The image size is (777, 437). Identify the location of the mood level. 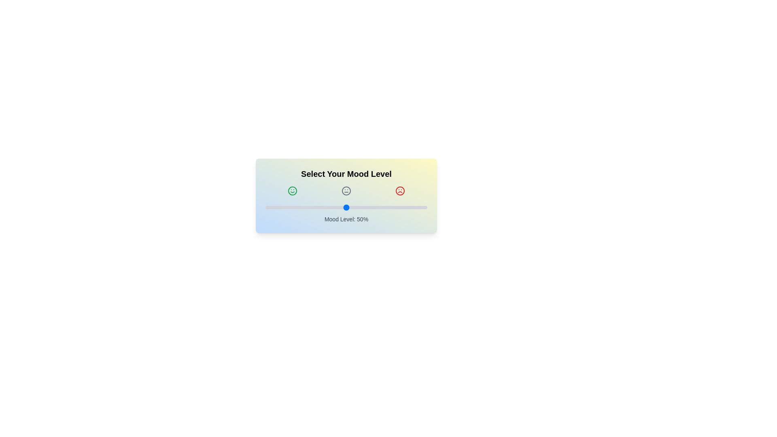
(318, 207).